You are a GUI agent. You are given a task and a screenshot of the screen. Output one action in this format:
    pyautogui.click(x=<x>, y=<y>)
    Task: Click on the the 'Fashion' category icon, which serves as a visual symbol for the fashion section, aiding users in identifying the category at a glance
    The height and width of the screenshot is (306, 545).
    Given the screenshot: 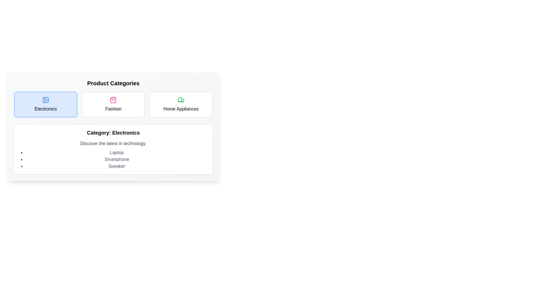 What is the action you would take?
    pyautogui.click(x=113, y=100)
    